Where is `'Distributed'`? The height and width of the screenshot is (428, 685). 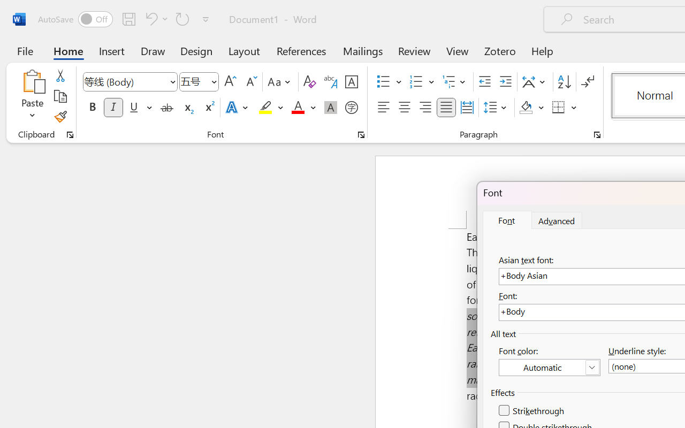 'Distributed' is located at coordinates (467, 108).